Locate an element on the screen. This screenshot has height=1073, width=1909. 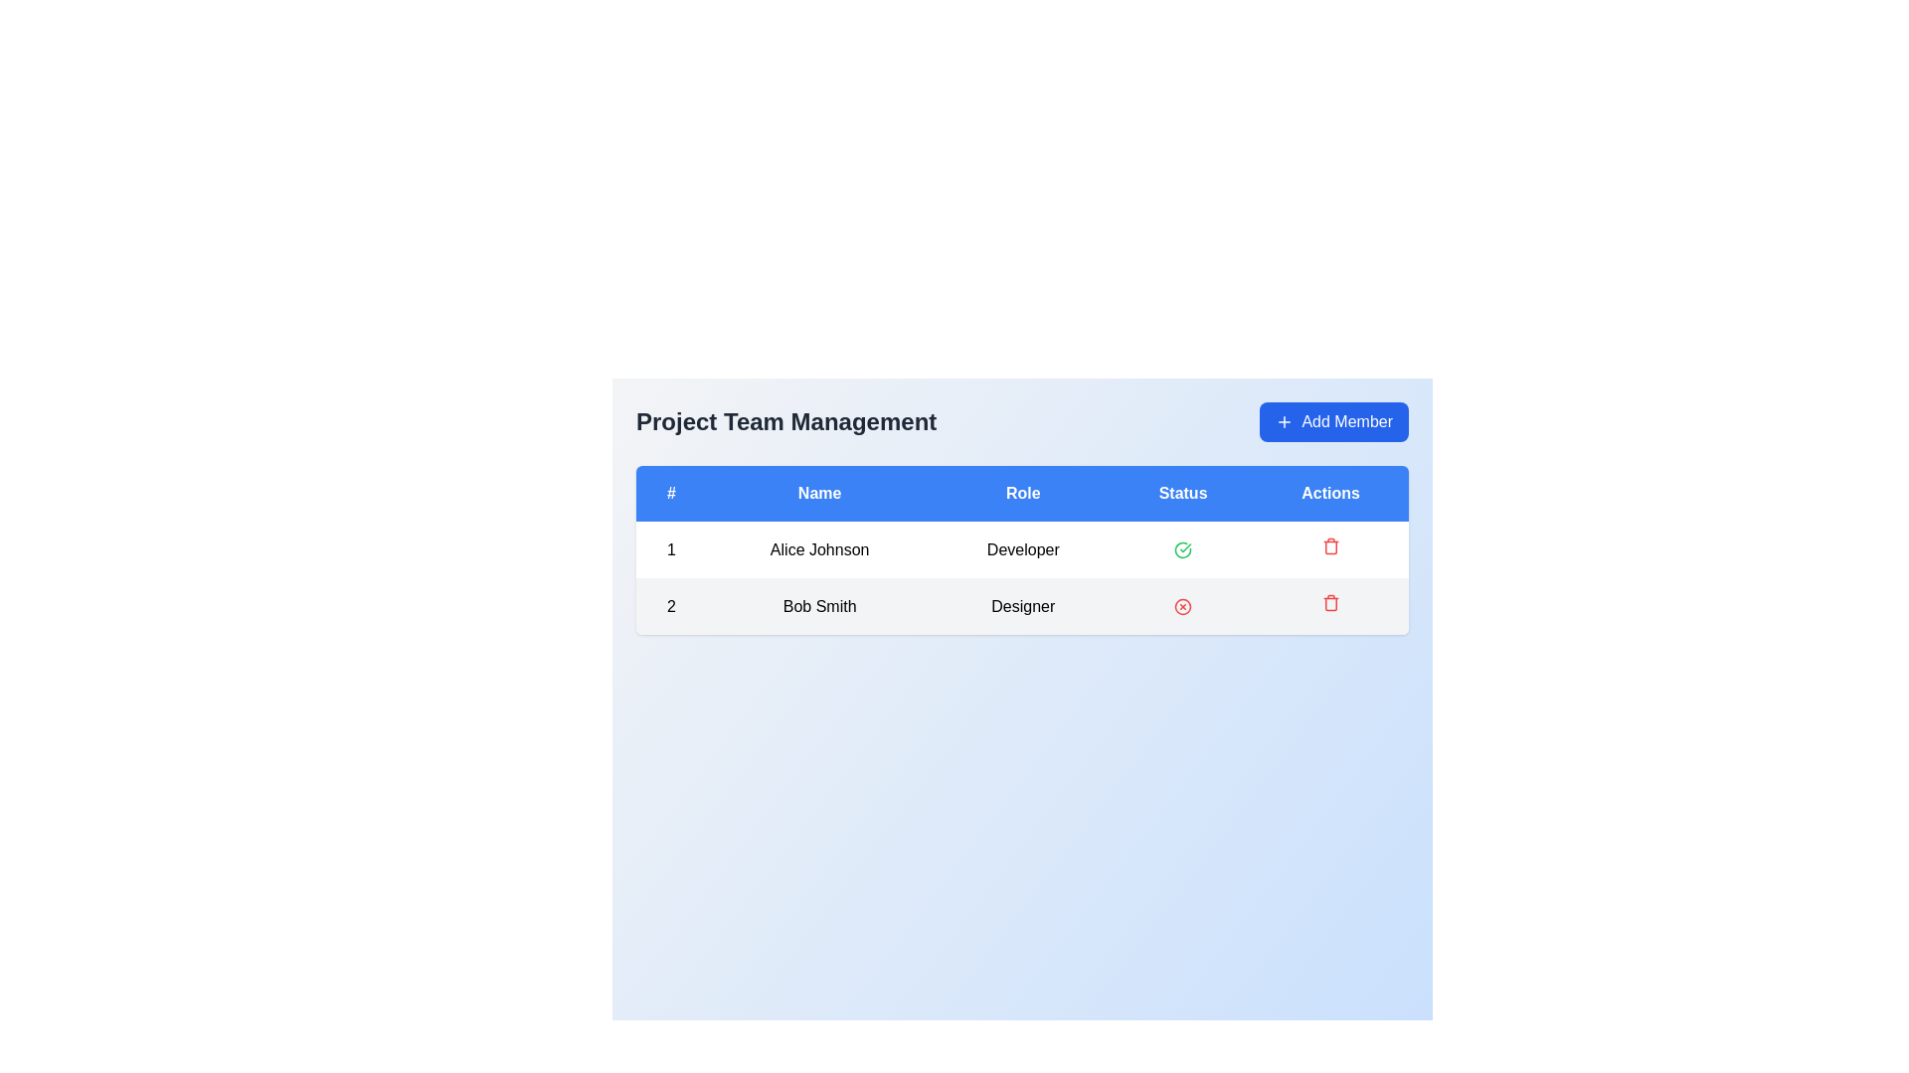
the static text element, which serves as the main heading of the page and is located to the left of the 'Add Member' button is located at coordinates (785, 420).